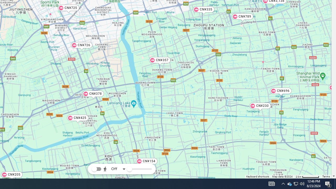 The height and width of the screenshot is (189, 336). I want to click on 'Keyboard shortcuts', so click(258, 177).